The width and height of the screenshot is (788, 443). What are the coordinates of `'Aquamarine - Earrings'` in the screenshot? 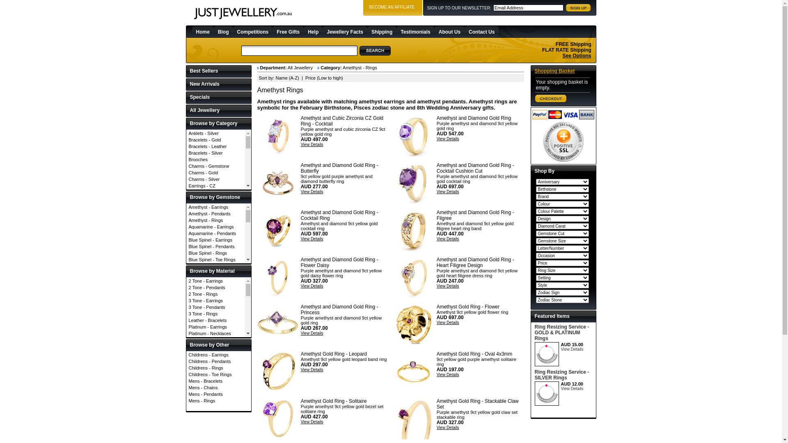 It's located at (186, 226).